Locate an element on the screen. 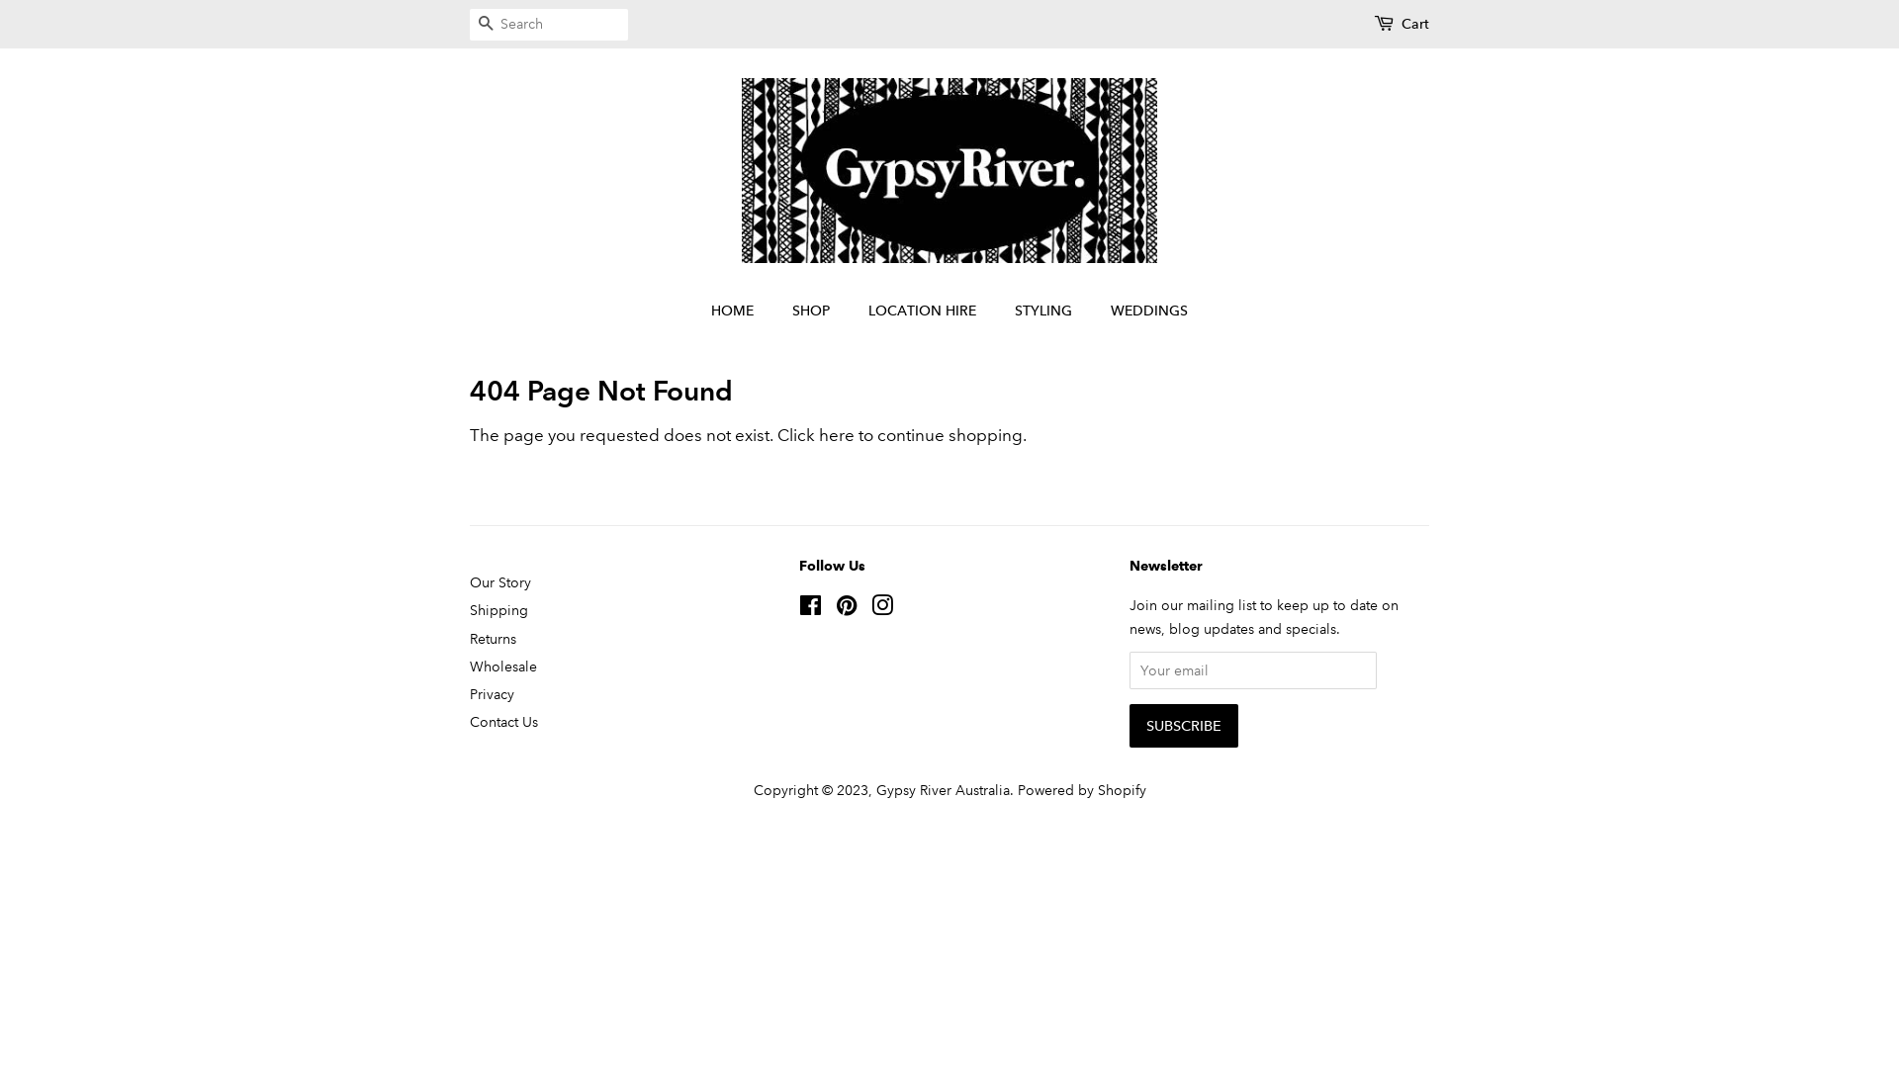 The image size is (1899, 1068). 'Wholesale' is located at coordinates (502, 667).